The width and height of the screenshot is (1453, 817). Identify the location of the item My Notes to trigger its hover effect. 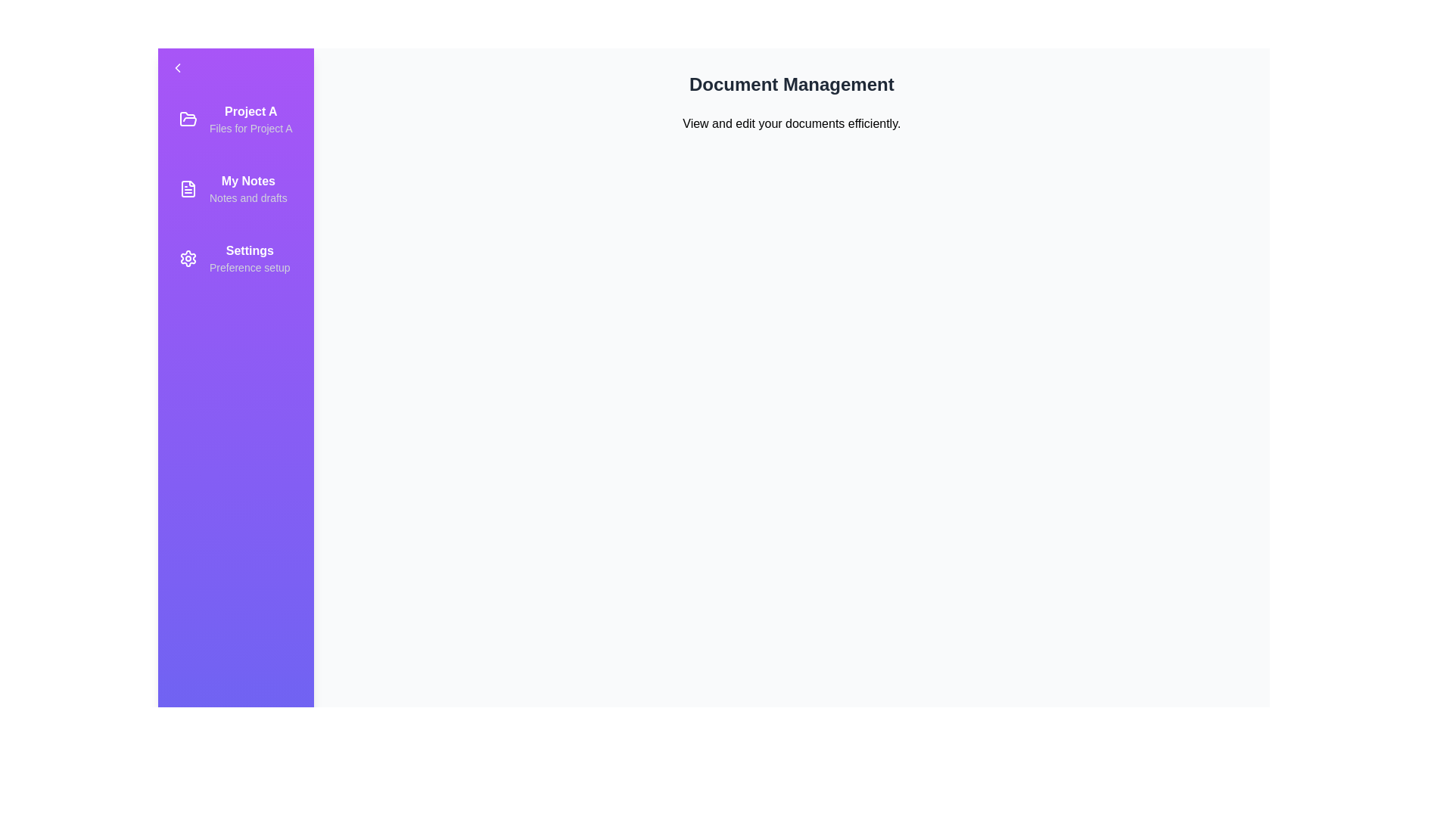
(235, 188).